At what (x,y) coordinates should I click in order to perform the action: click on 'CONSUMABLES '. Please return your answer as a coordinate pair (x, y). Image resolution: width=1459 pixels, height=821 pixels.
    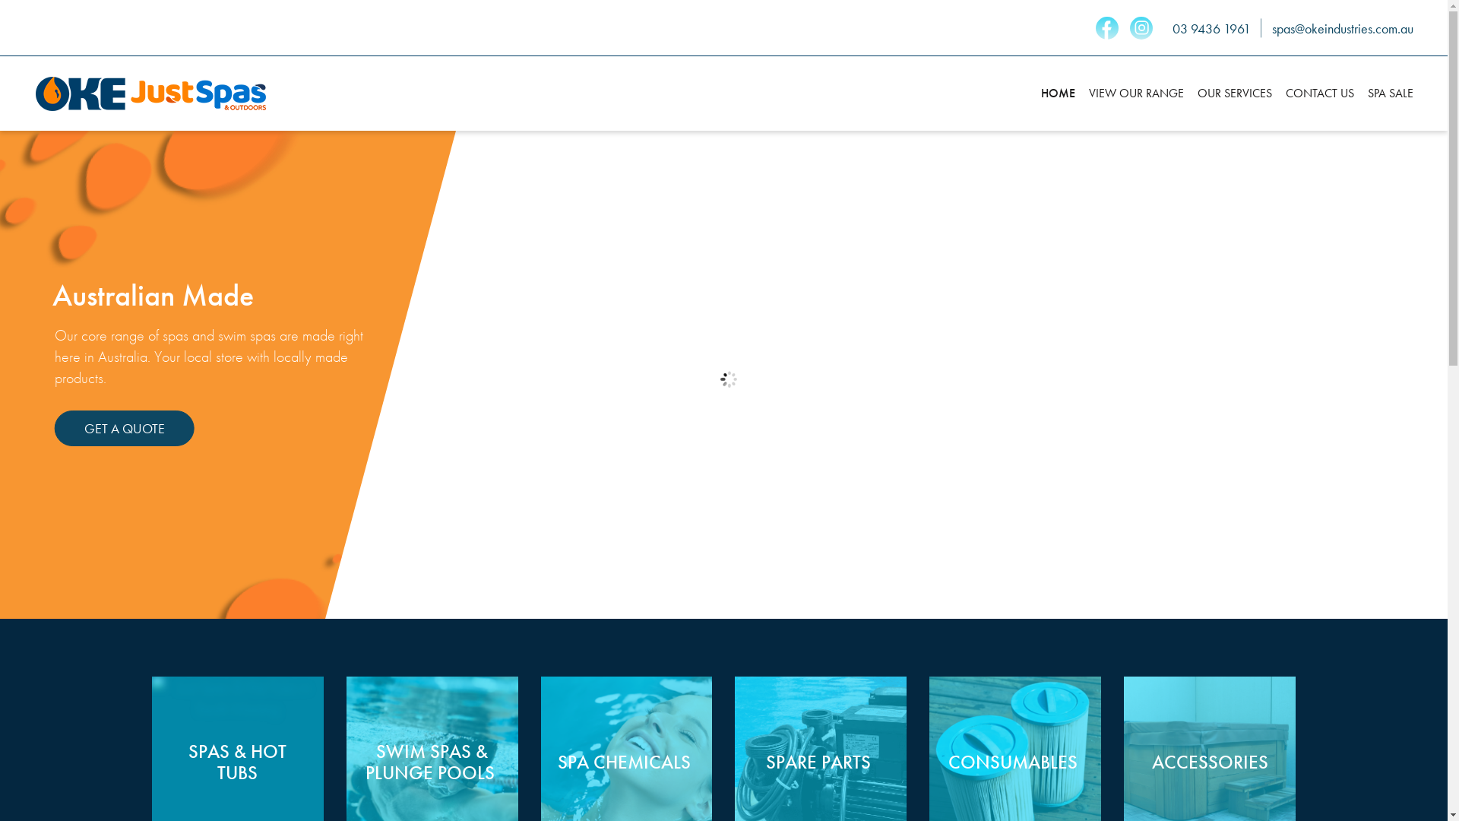
    Looking at the image, I should click on (1014, 762).